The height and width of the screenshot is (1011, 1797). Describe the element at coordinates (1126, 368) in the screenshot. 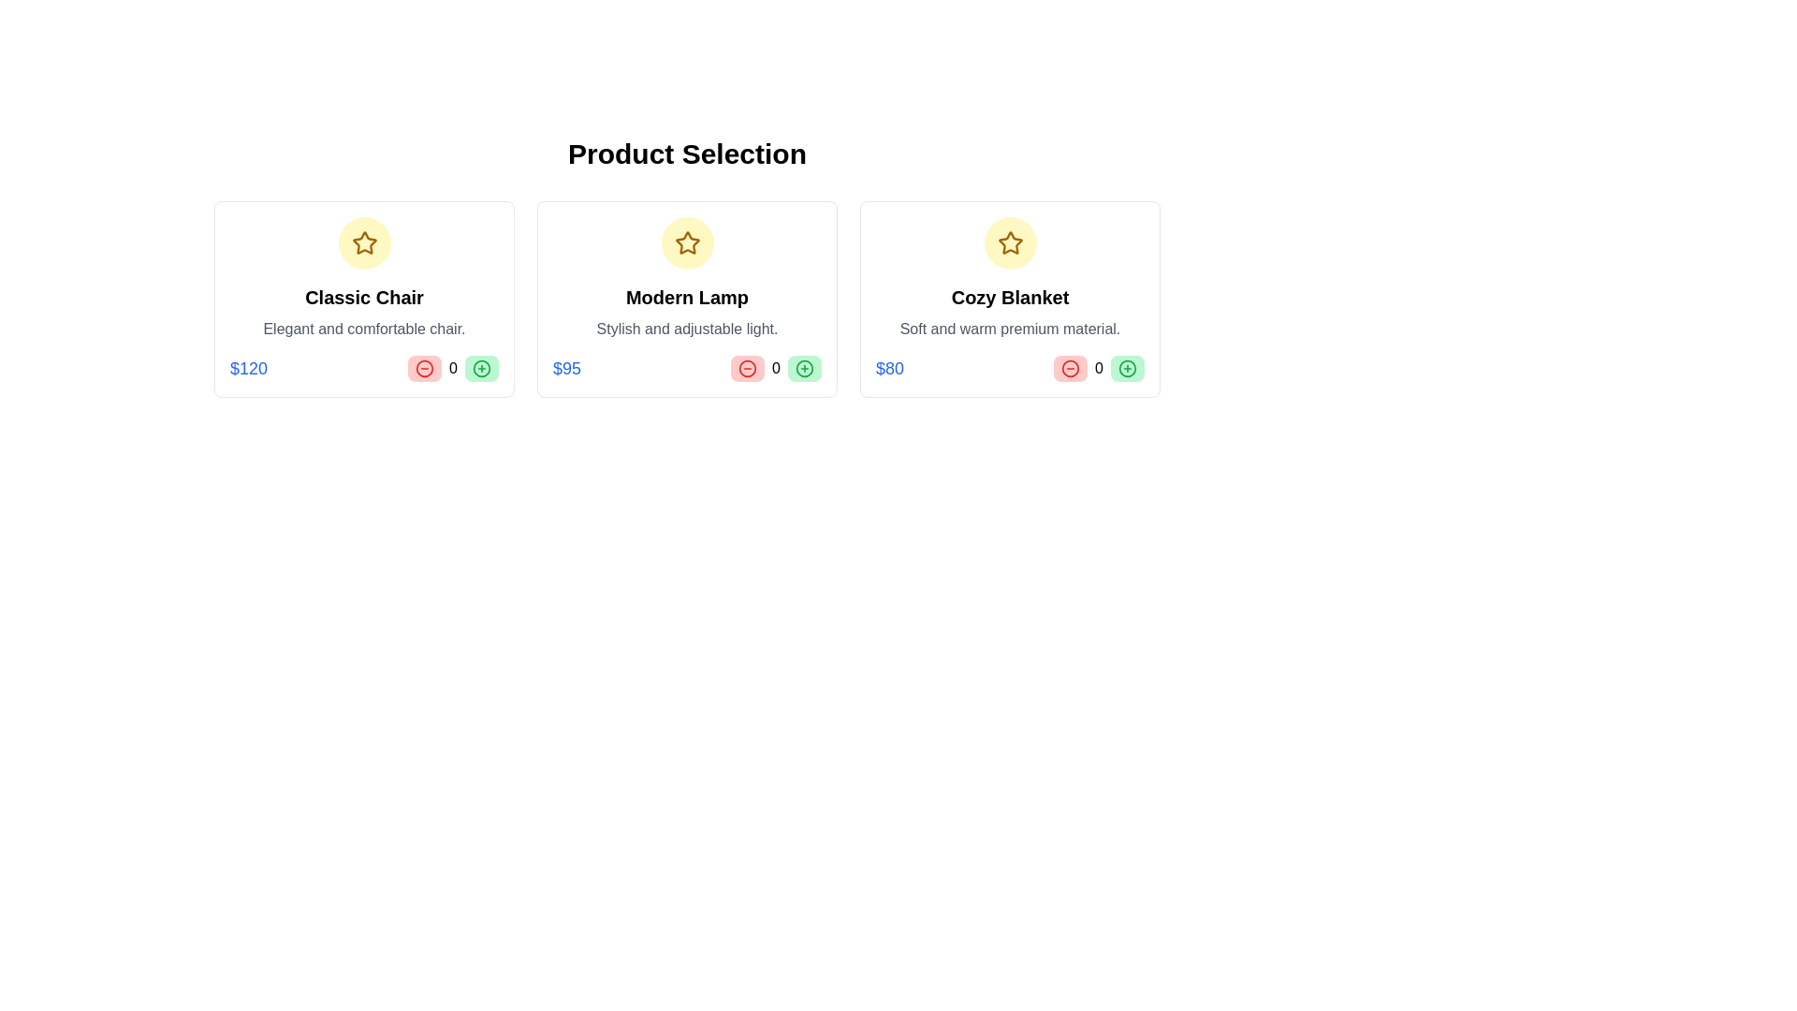

I see `the circular '+' icon located in the bottom-right corner of the 'Cozy Blanket' product card` at that location.